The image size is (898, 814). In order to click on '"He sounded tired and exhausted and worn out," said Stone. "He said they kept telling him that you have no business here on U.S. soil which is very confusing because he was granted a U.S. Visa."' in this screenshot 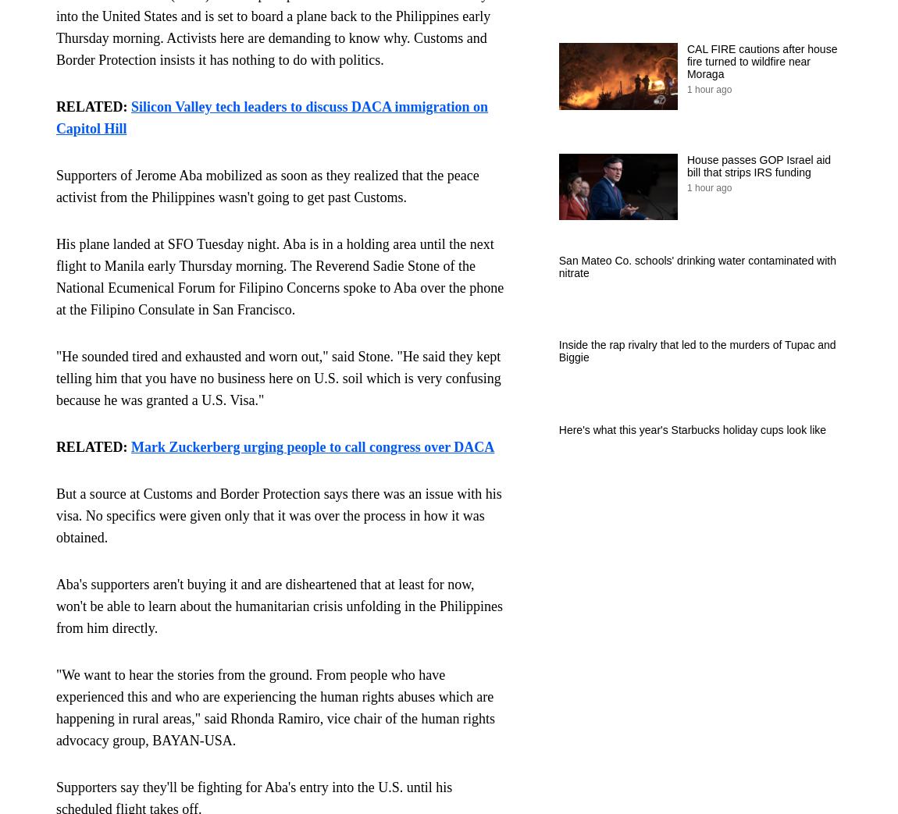, I will do `click(278, 377)`.